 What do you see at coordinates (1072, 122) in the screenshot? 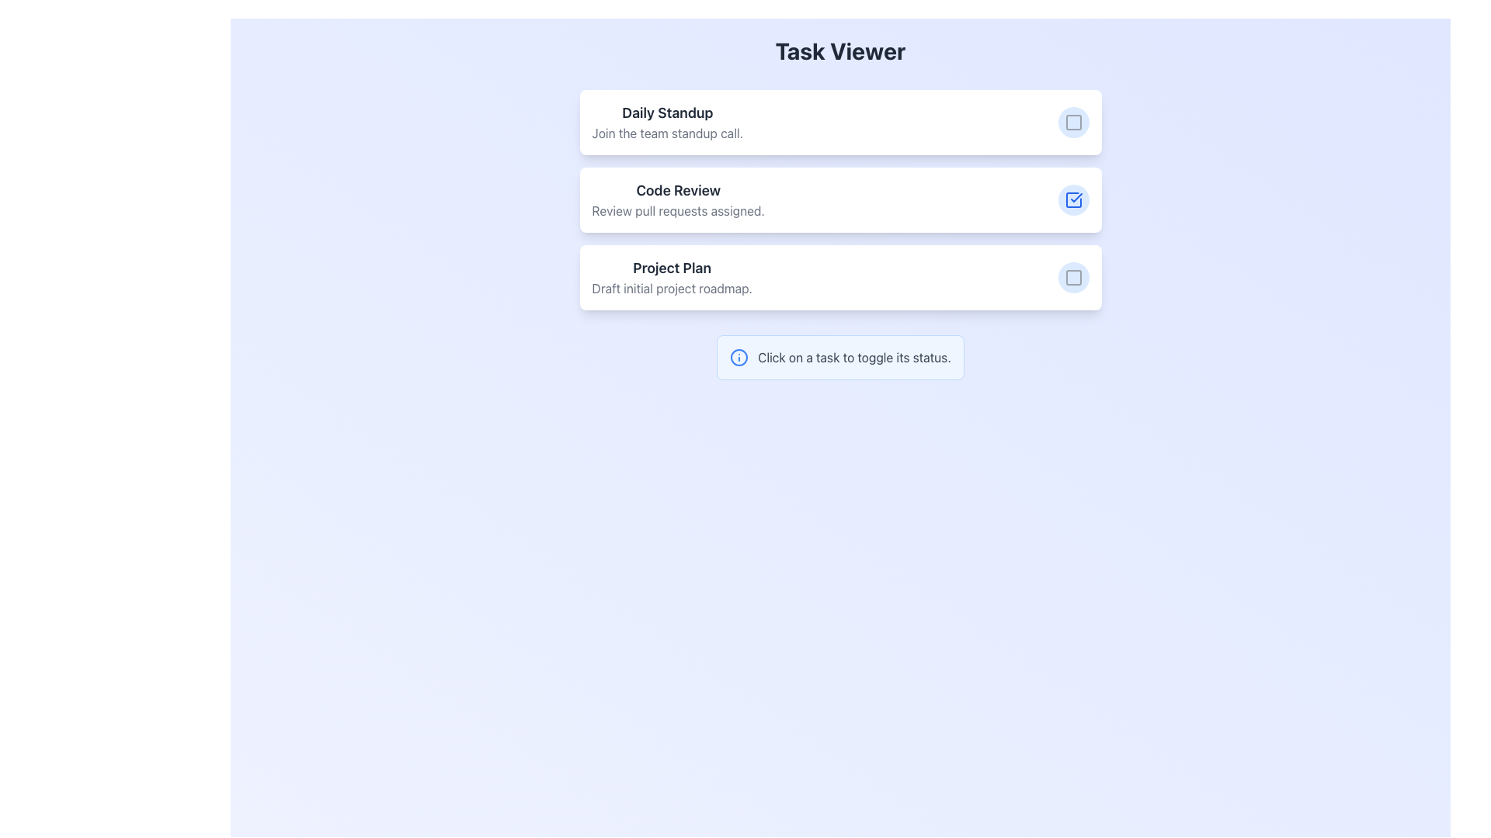
I see `the inner square component of the checkbox icon for the 'Daily Standup' task located in the top-right corner of the task card` at bounding box center [1072, 122].